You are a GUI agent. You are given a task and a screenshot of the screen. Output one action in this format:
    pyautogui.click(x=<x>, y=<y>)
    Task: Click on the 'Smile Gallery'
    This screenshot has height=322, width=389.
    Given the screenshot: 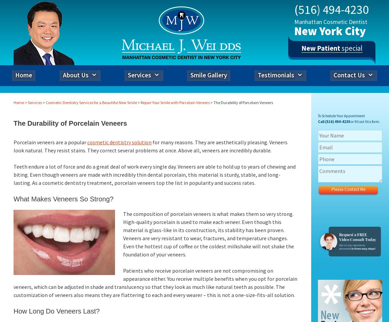 What is the action you would take?
    pyautogui.click(x=190, y=74)
    